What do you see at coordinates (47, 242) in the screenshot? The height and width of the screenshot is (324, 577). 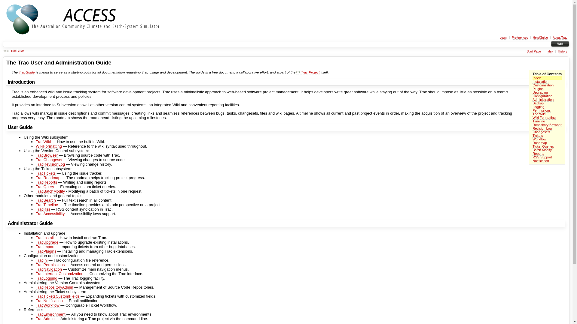 I see `'TracUpgrade'` at bounding box center [47, 242].